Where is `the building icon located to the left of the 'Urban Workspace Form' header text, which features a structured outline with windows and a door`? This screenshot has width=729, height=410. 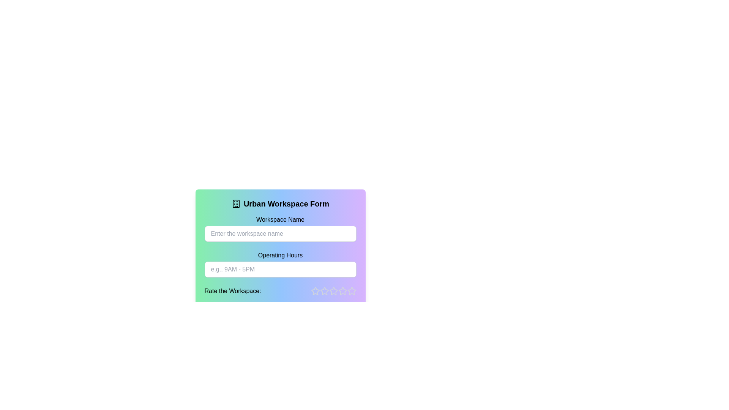 the building icon located to the left of the 'Urban Workspace Form' header text, which features a structured outline with windows and a door is located at coordinates (235, 203).